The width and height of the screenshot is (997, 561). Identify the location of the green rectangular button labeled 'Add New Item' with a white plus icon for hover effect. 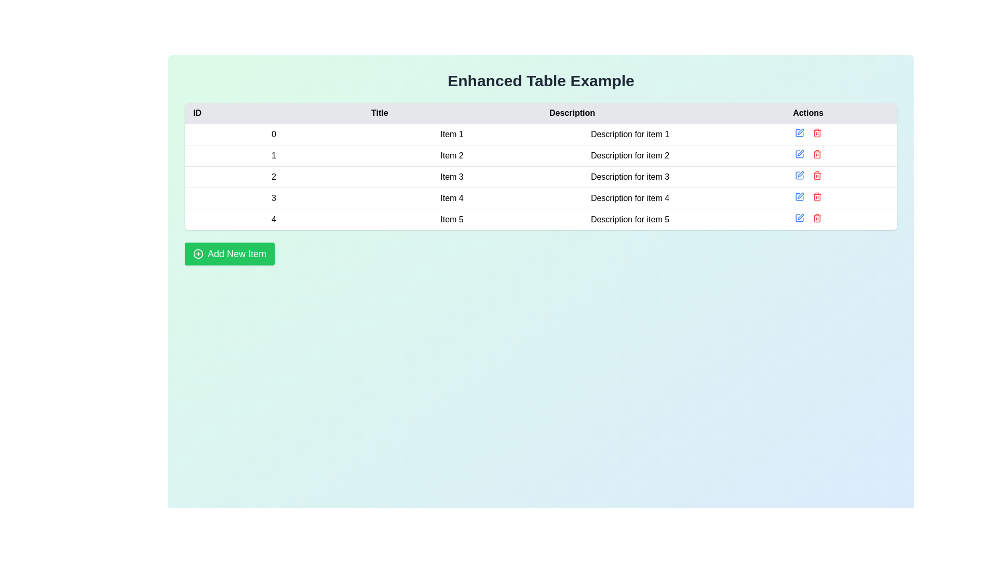
(229, 254).